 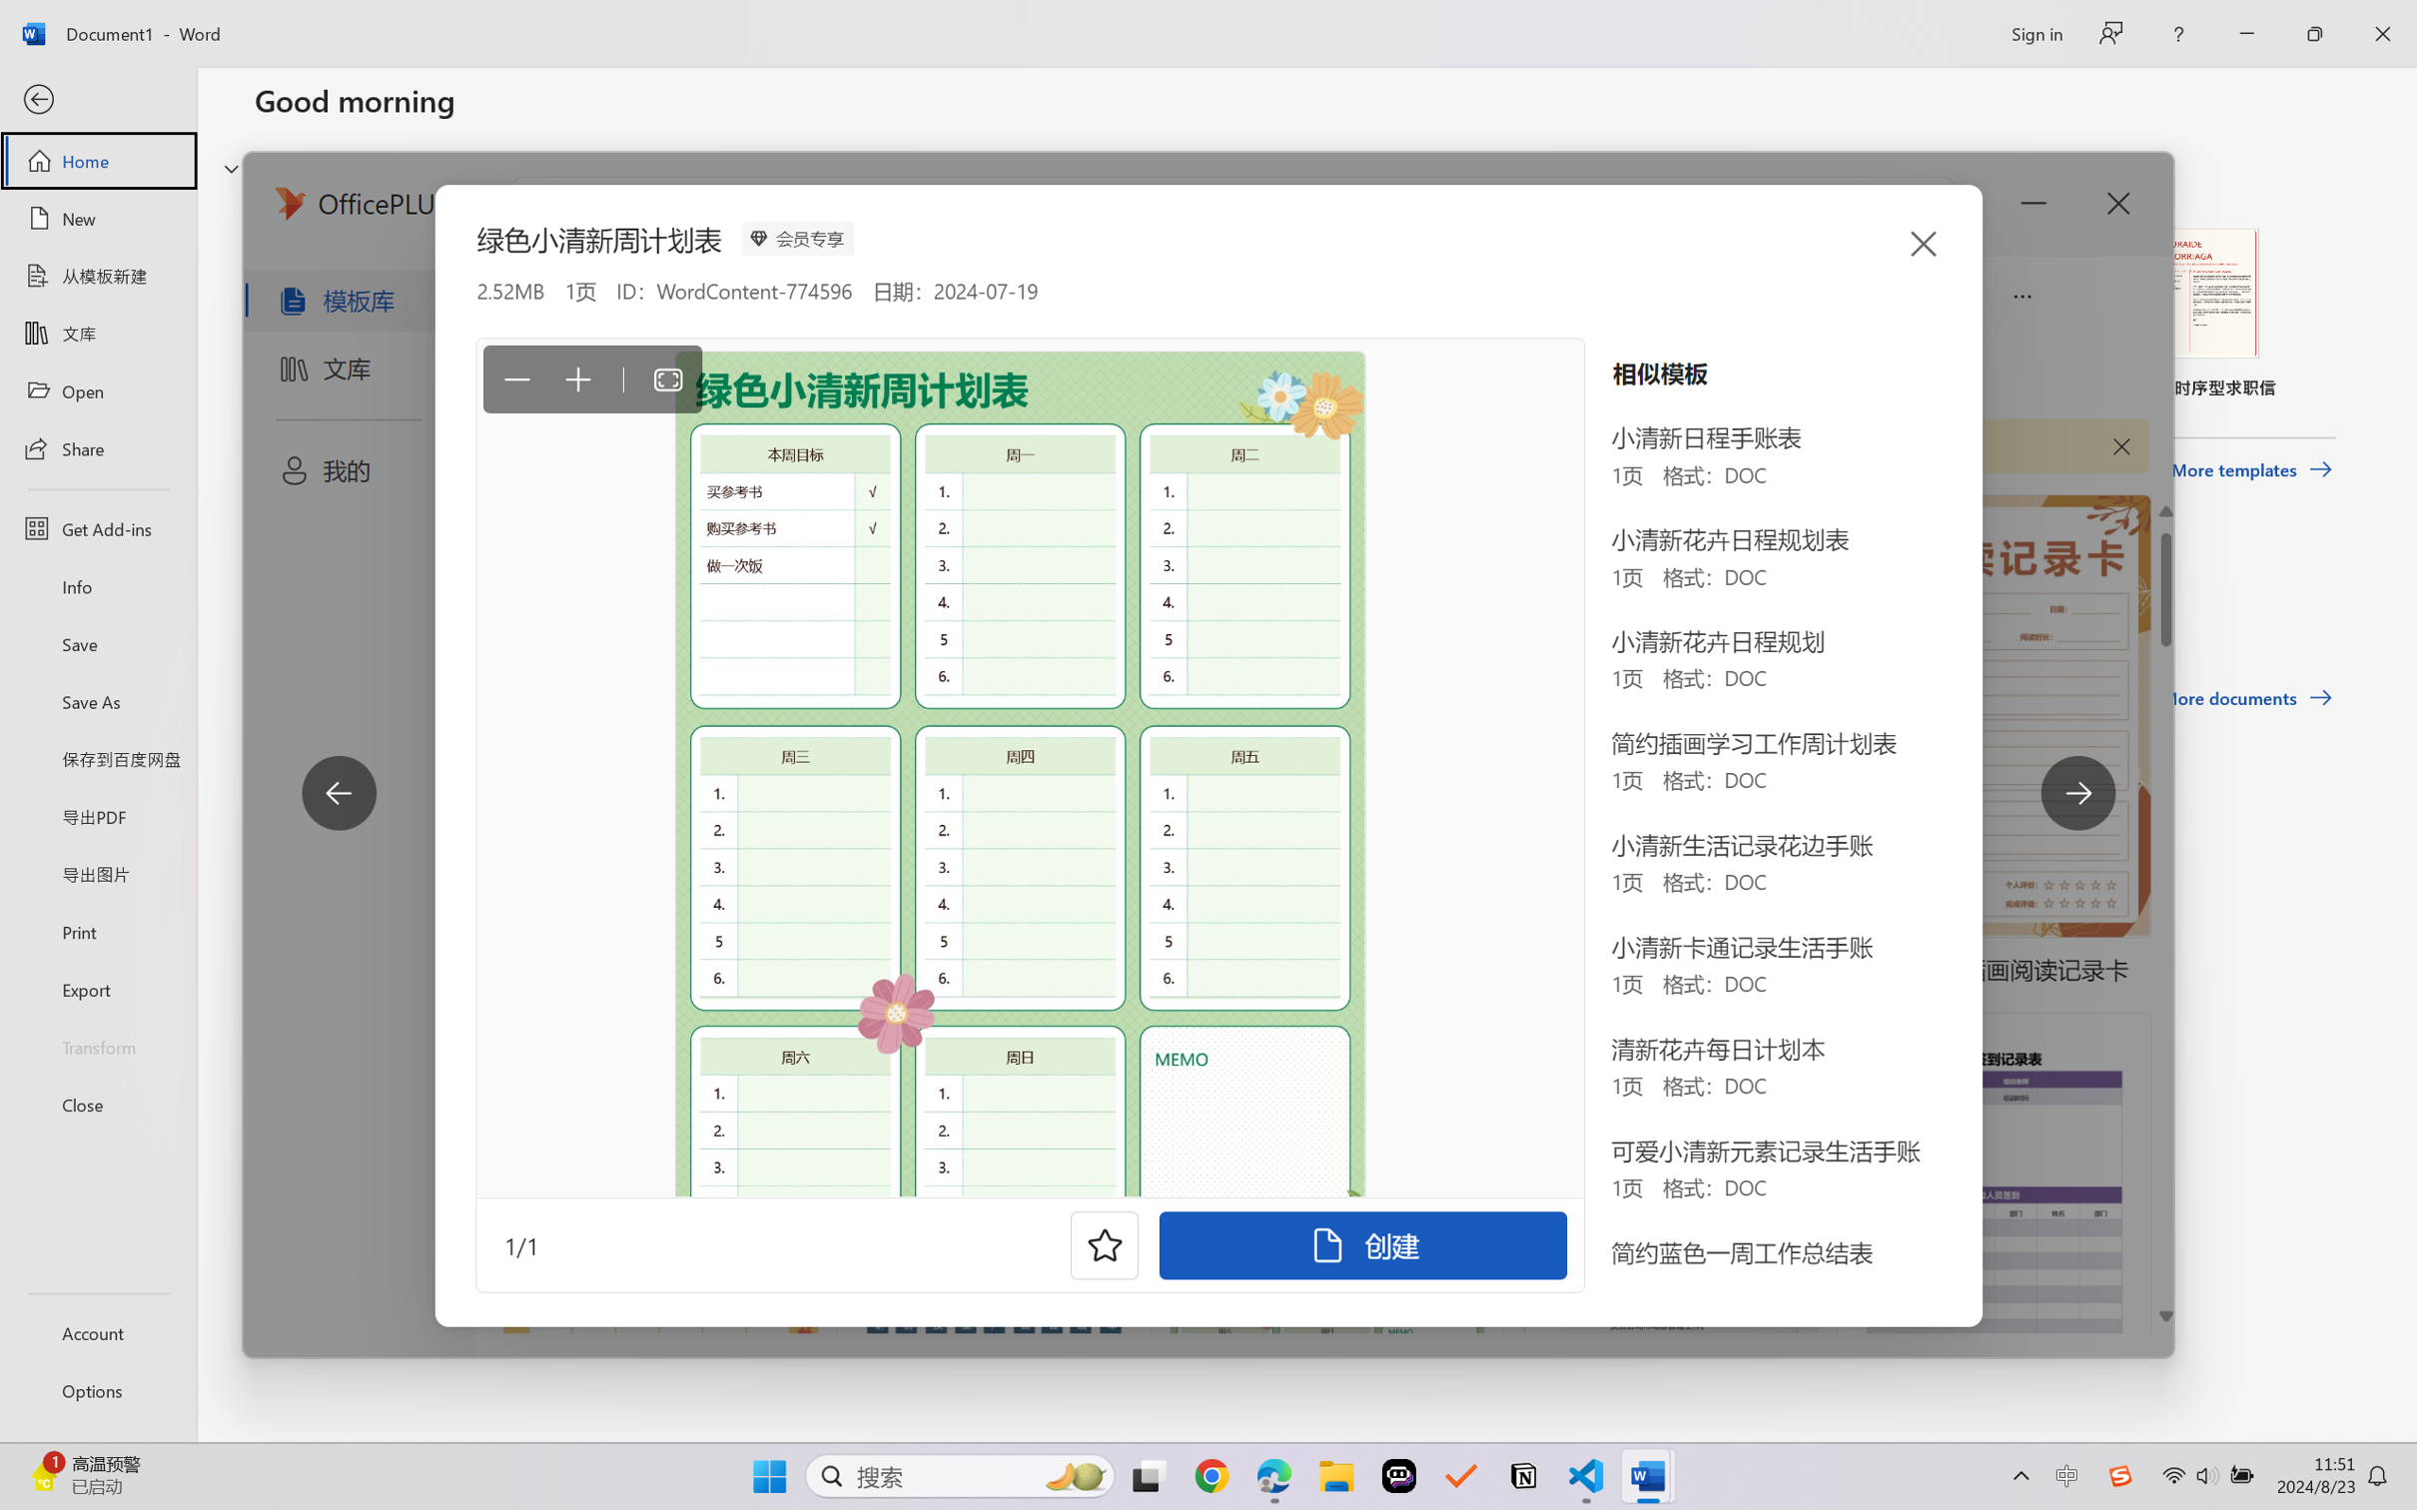 I want to click on 'Account', so click(x=97, y=1332).